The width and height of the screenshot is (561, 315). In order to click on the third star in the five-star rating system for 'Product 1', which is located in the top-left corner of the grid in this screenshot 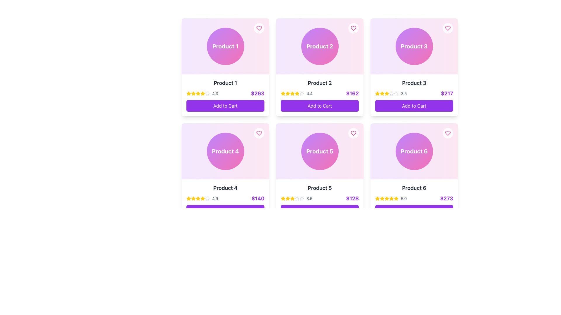, I will do `click(193, 93)`.